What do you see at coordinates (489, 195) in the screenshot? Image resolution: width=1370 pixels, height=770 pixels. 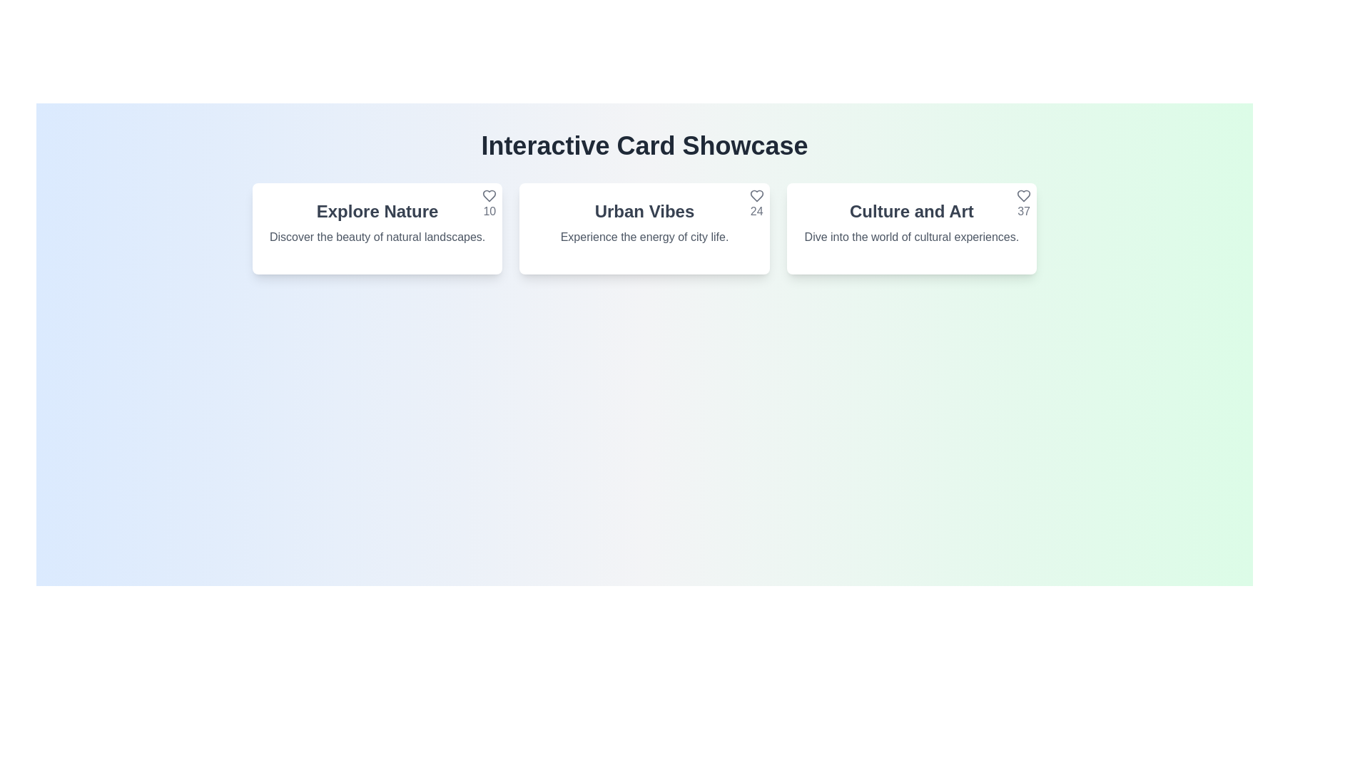 I see `the heart icon in the top-right corner of the 'Explore Nature' card` at bounding box center [489, 195].